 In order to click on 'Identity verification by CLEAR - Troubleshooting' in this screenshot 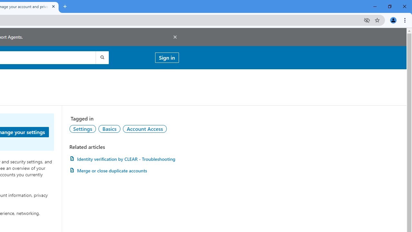, I will do `click(124, 159)`.